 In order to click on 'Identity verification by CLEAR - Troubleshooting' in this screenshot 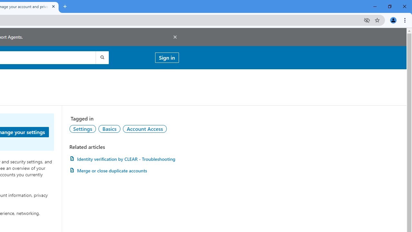, I will do `click(124, 159)`.